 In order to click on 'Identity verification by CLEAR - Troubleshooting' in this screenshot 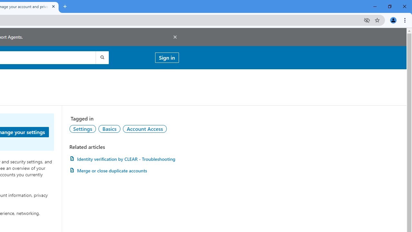, I will do `click(124, 159)`.